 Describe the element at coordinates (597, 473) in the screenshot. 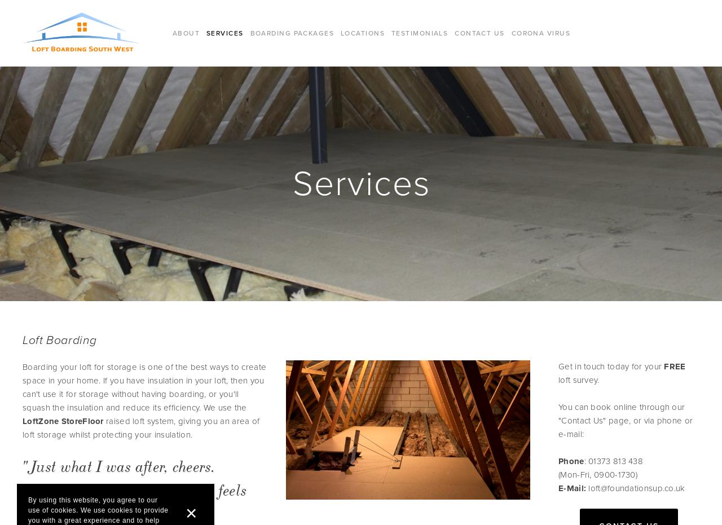

I see `'(Mon-Fri, 0900-1730)'` at that location.